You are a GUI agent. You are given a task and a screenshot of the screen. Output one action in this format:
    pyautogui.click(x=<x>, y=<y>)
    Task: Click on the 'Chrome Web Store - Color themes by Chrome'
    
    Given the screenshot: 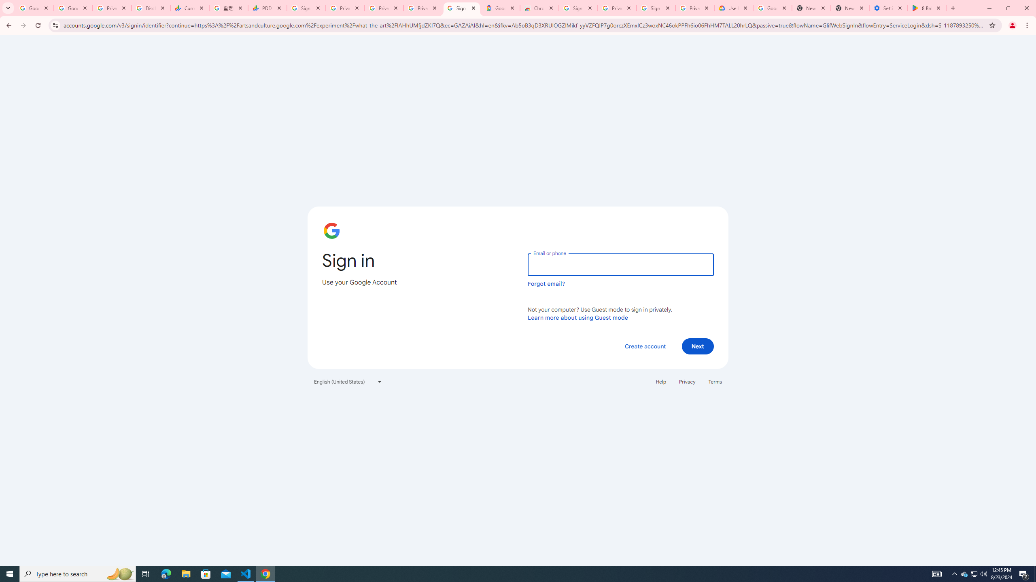 What is the action you would take?
    pyautogui.click(x=539, y=8)
    